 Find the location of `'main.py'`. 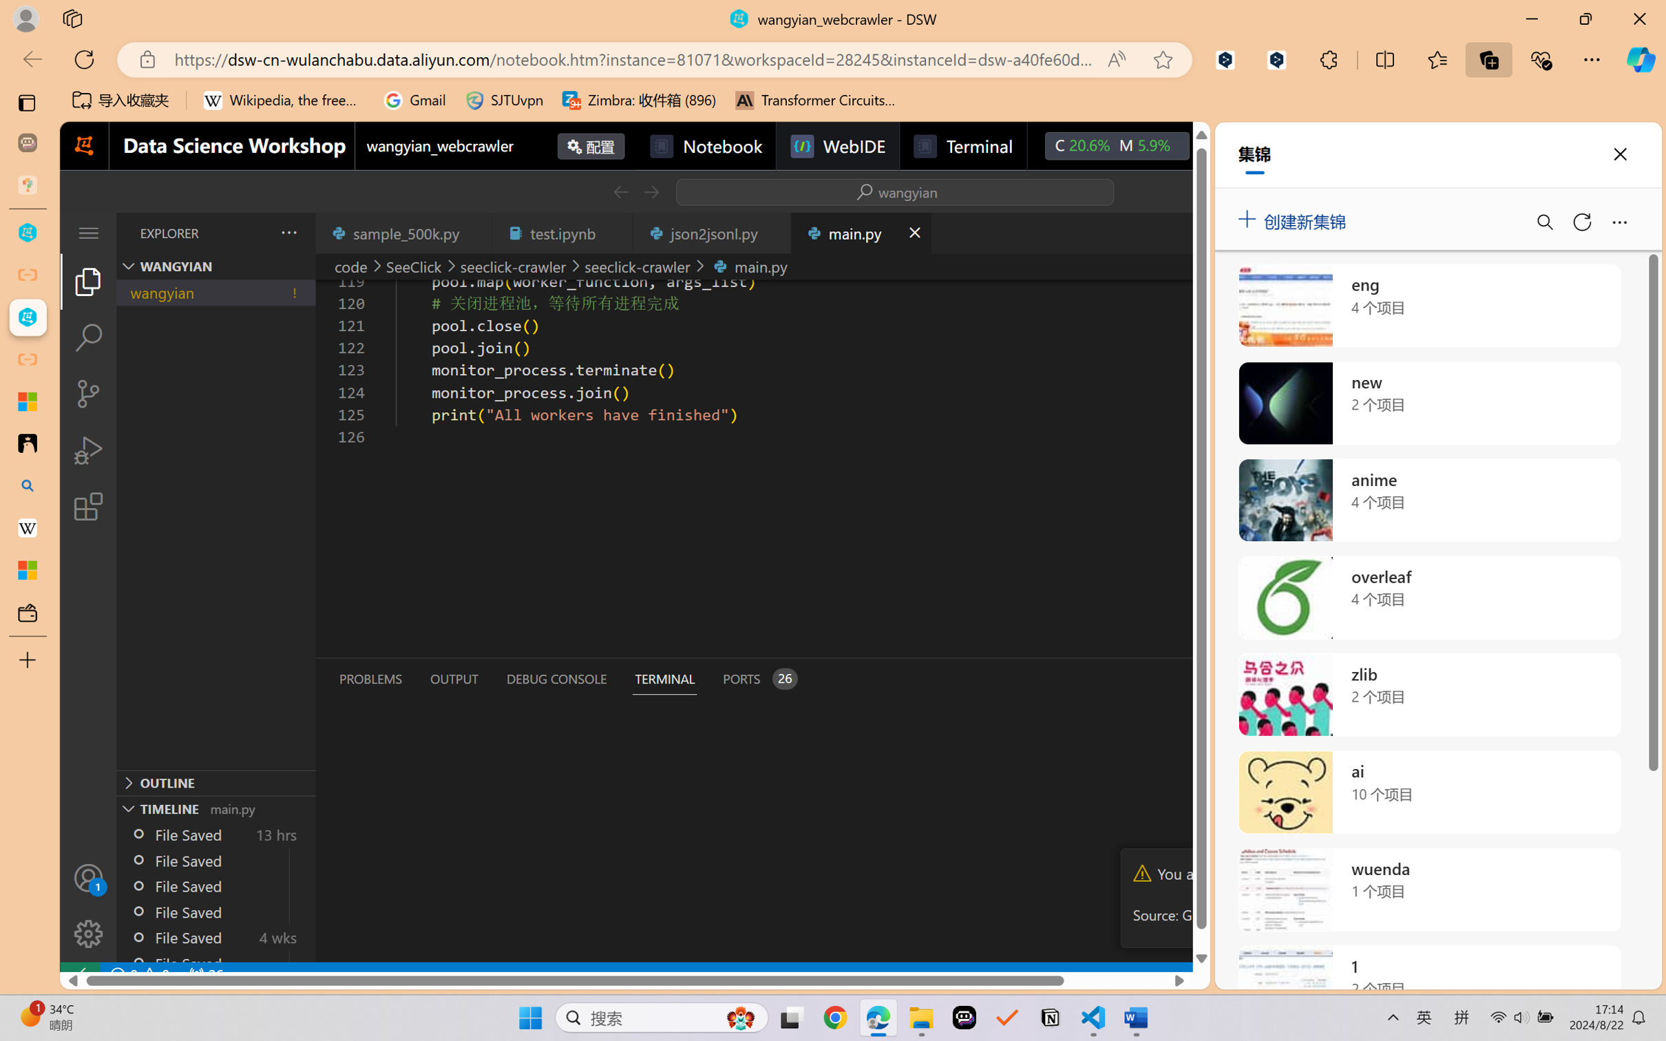

'main.py' is located at coordinates (860, 232).